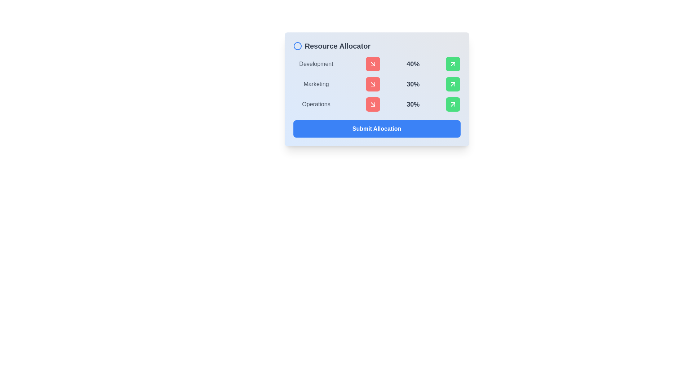 The width and height of the screenshot is (692, 389). What do you see at coordinates (453, 84) in the screenshot?
I see `the green arrow button in the 'Marketing' row of the 'Resource Allocator' section` at bounding box center [453, 84].